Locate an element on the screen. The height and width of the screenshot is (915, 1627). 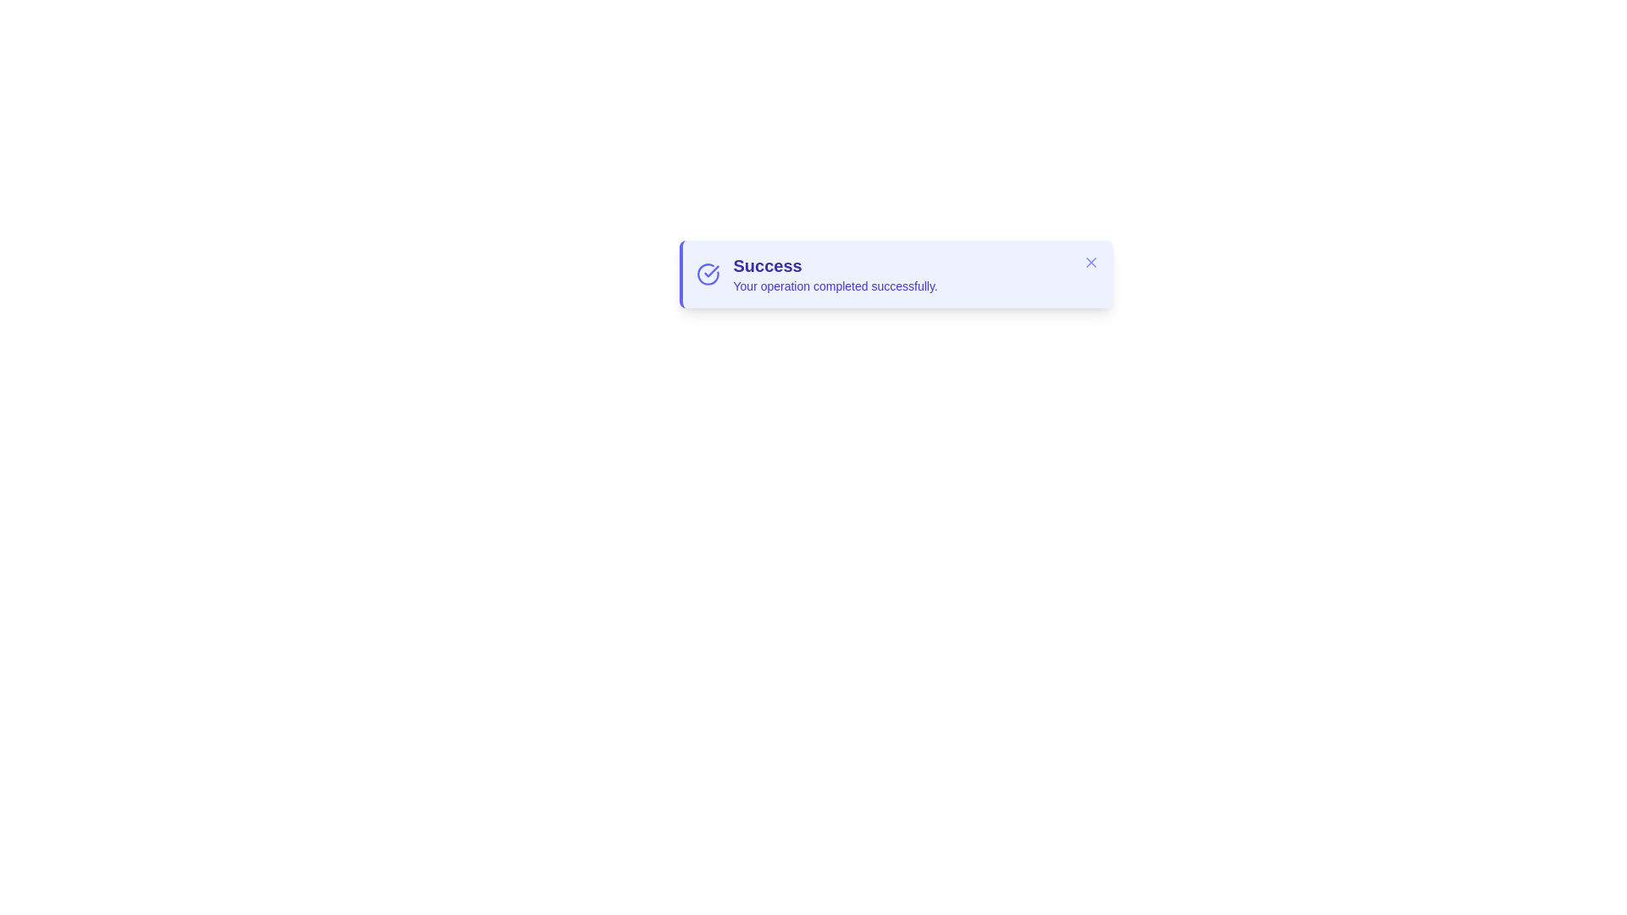
message displayed in the notification box that indicates 'Success' and 'Your operation completed successfully.' is located at coordinates (836, 274).